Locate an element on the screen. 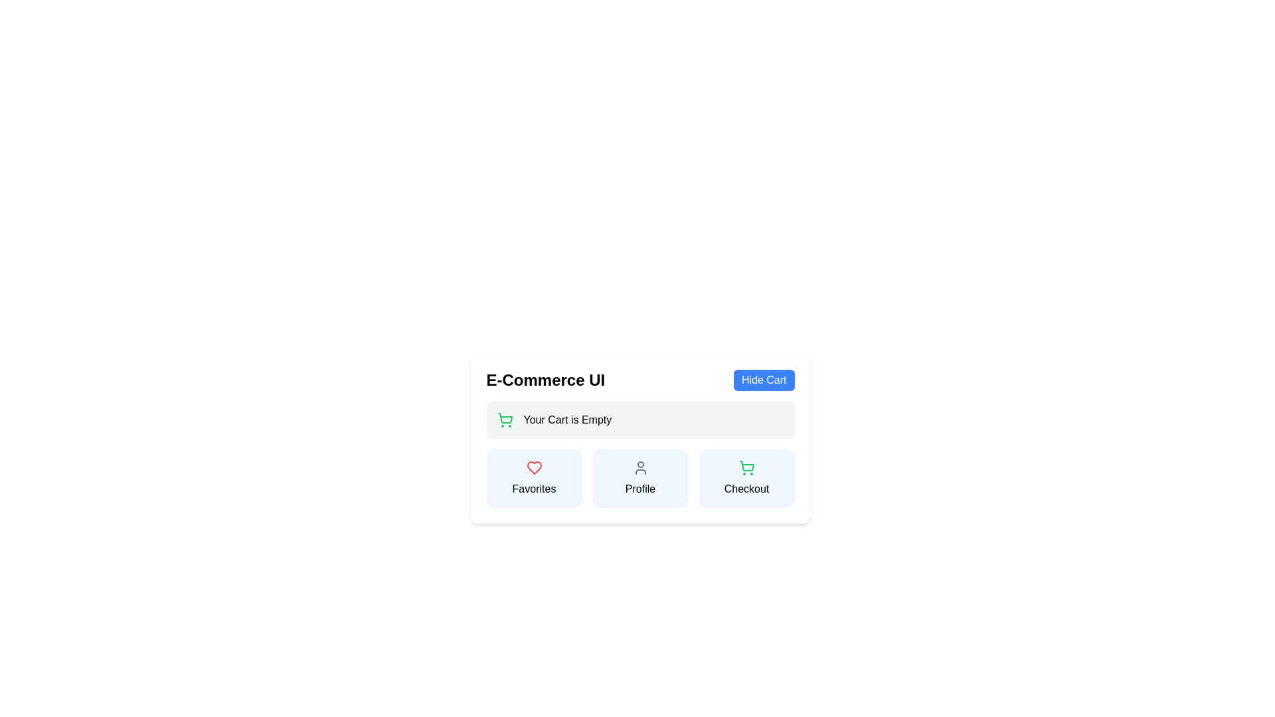  the green shopping cart icon located prominently above the 'Checkout' text, which represents the checkout functionality is located at coordinates (746, 467).